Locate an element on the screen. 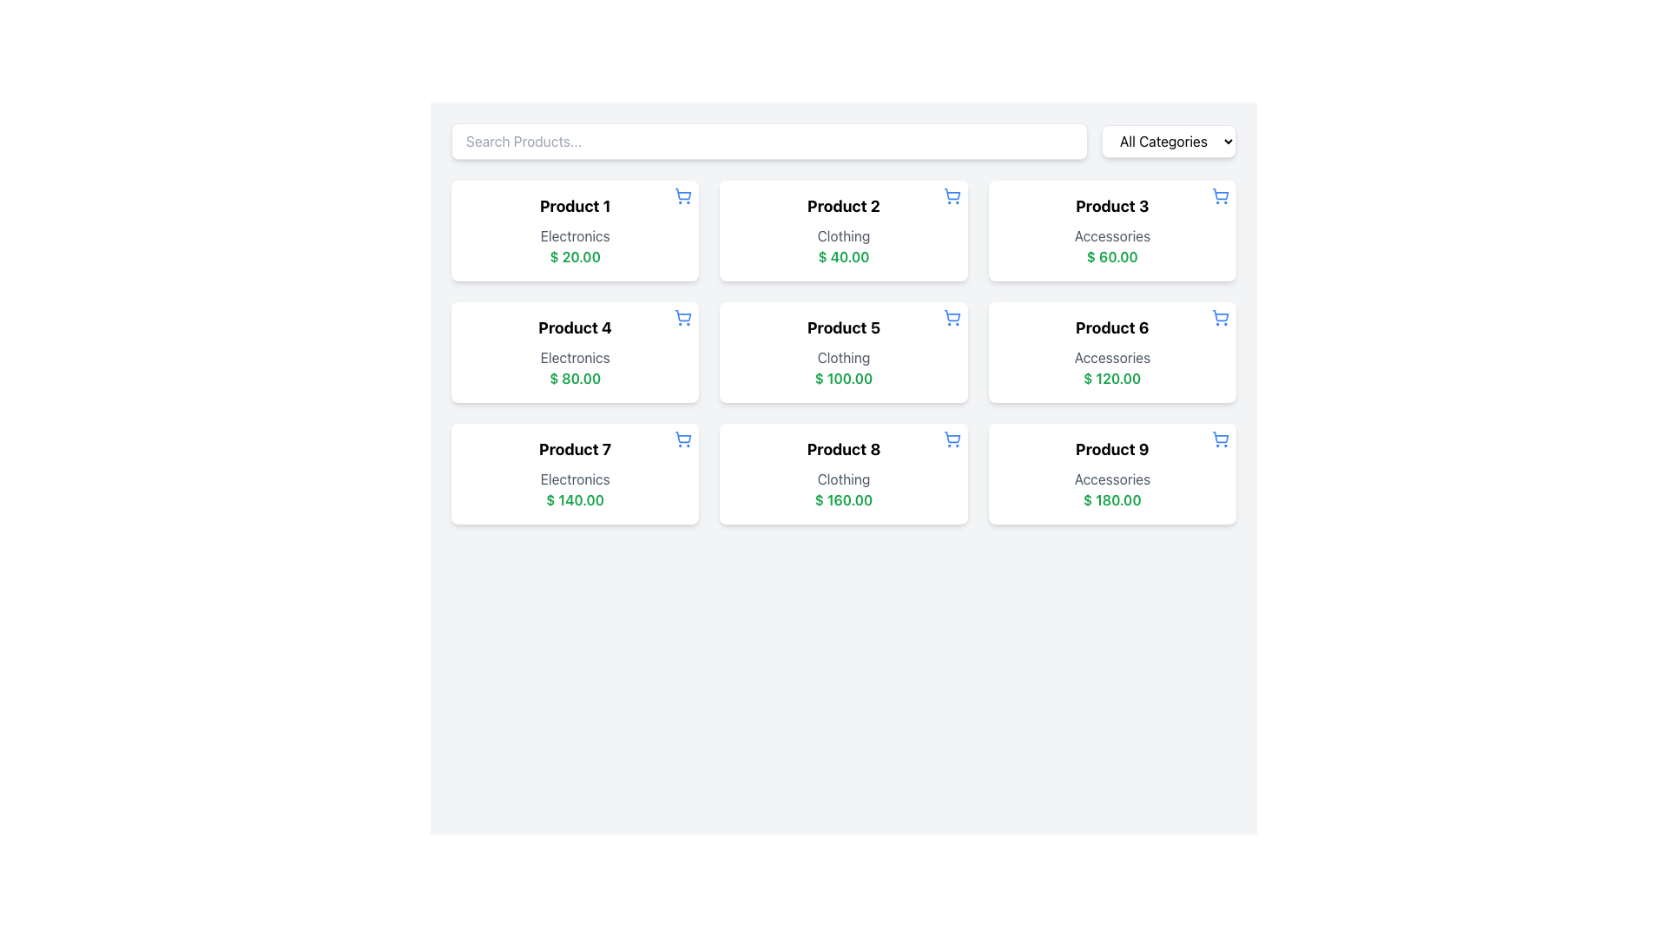  the shopping cart body icon located within the 'Product 5' button in the second row of the product grid is located at coordinates (951, 315).